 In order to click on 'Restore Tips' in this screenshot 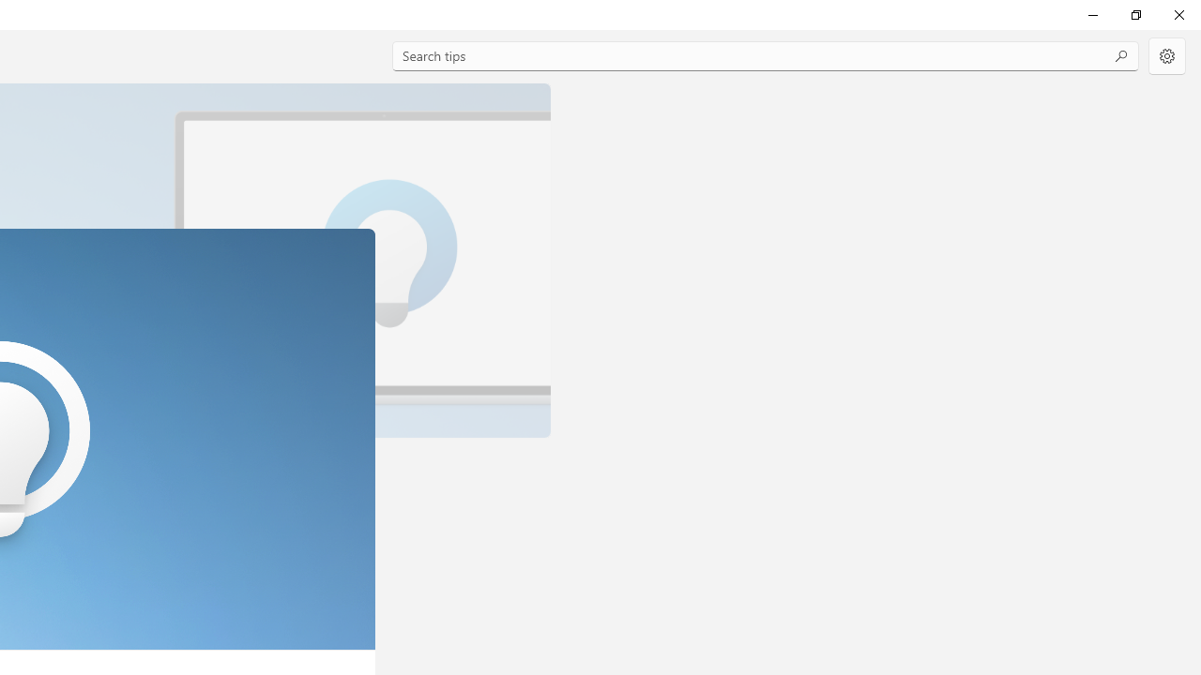, I will do `click(1134, 14)`.